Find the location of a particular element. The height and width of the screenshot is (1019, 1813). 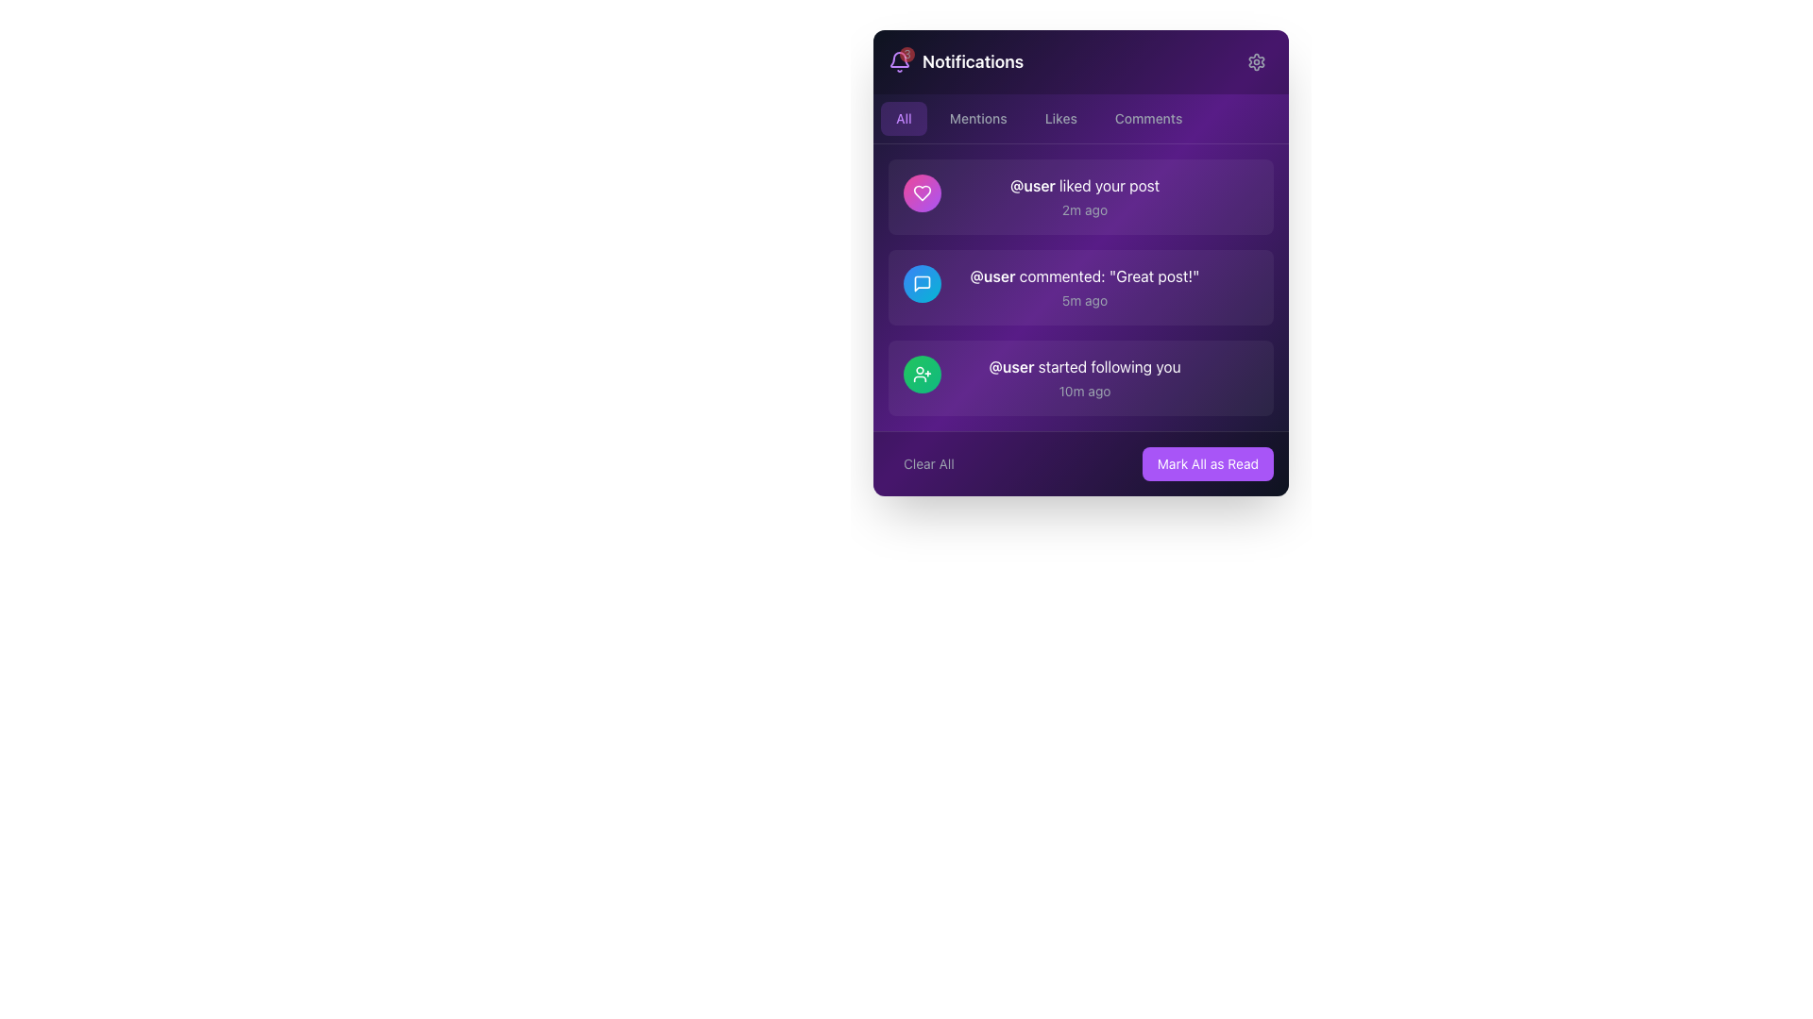

the notification associated with the speech bubble icon located in the user notification panel, specifically near the second notification entry that reads '@user commented: 'Great post!'' is located at coordinates (923, 283).